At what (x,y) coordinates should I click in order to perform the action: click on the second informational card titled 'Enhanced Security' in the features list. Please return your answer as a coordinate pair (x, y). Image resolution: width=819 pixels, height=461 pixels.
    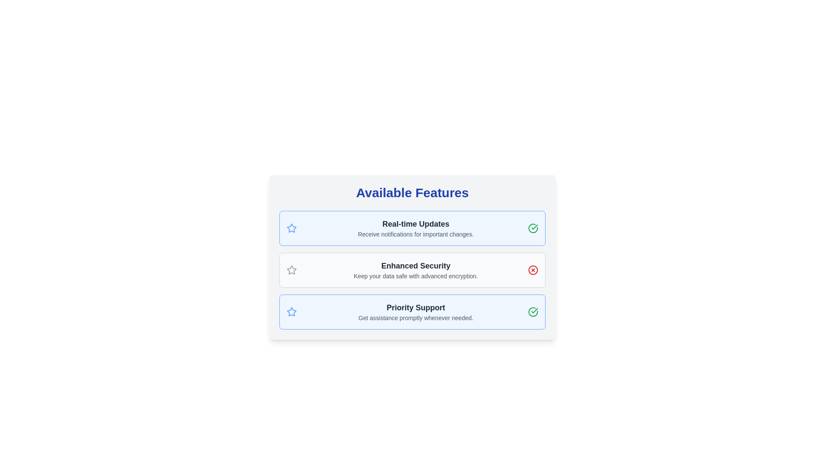
    Looking at the image, I should click on (412, 257).